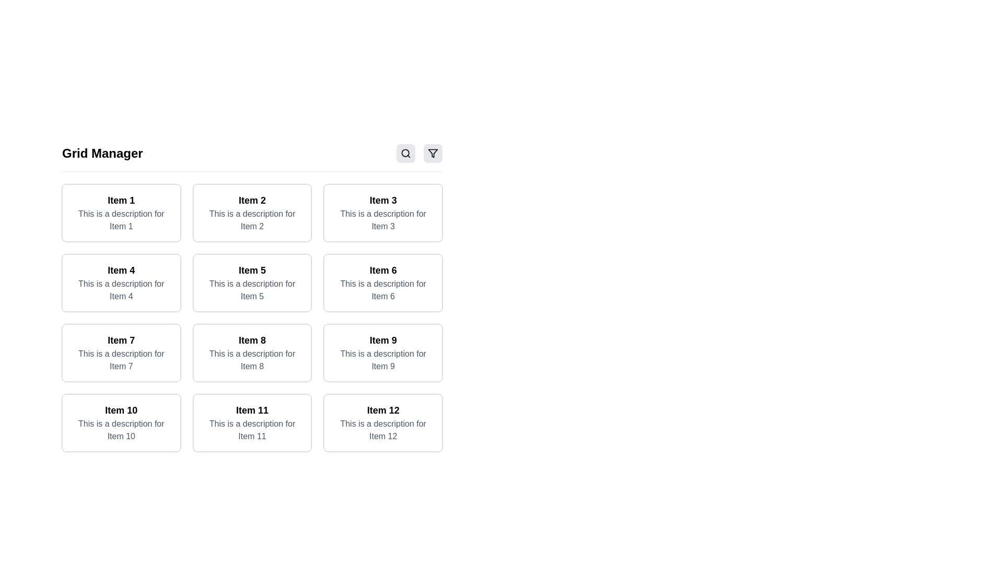 The width and height of the screenshot is (1003, 564). What do you see at coordinates (433, 153) in the screenshot?
I see `the filter button, which is a small square button with a gray background and a funnel icon, located second from the right in a horizontal array of buttons at the top-right corner of the interface` at bounding box center [433, 153].